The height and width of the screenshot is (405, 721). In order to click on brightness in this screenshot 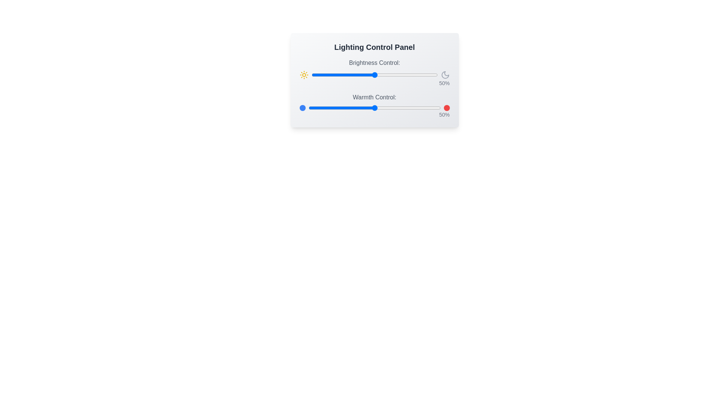, I will do `click(364, 75)`.